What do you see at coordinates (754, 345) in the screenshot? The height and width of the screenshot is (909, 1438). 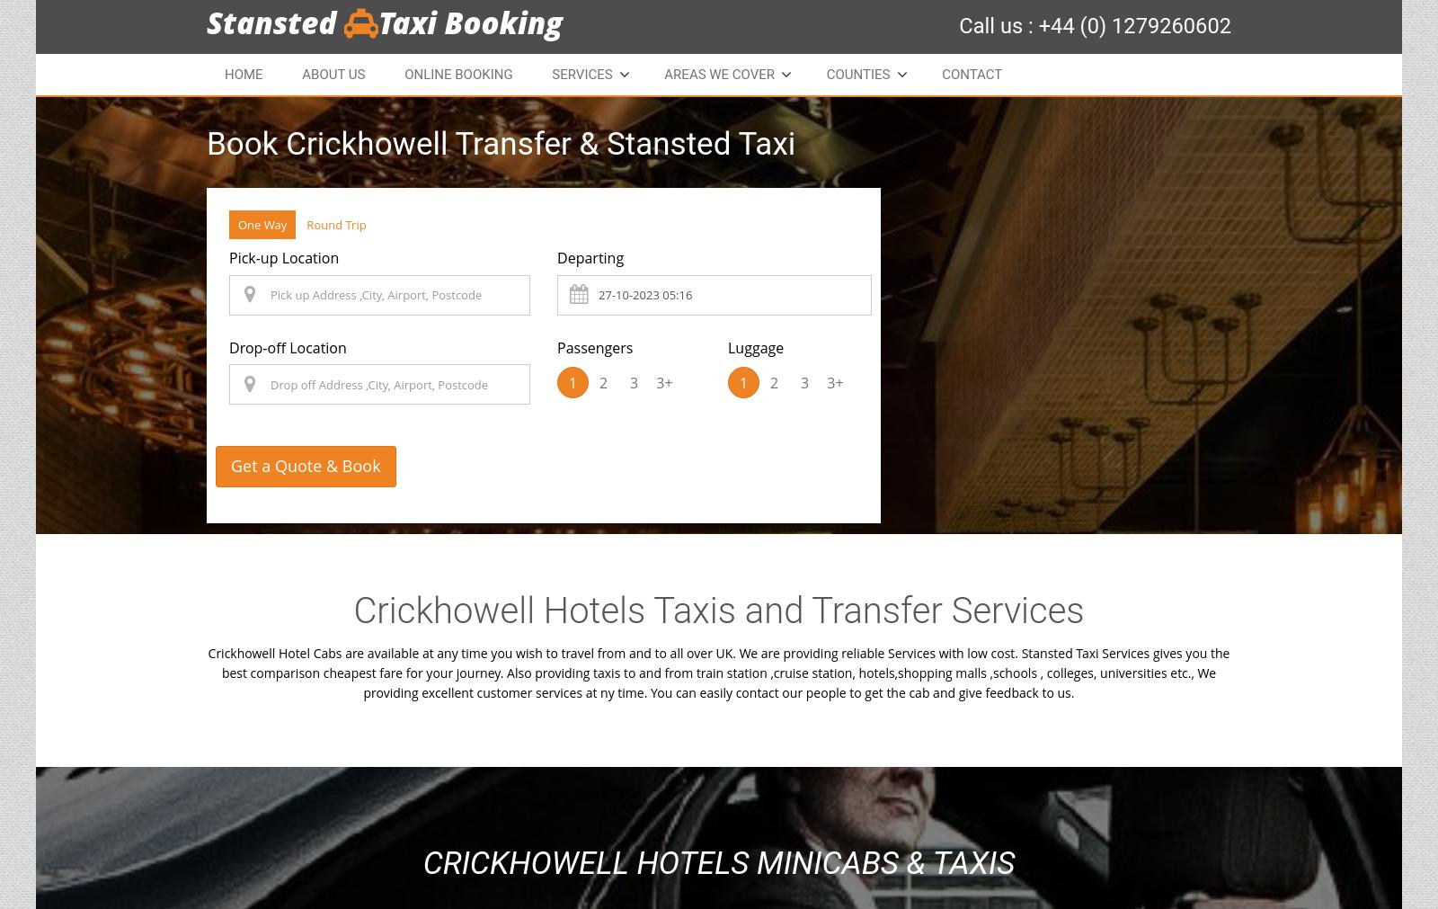 I see `'Luggage'` at bounding box center [754, 345].